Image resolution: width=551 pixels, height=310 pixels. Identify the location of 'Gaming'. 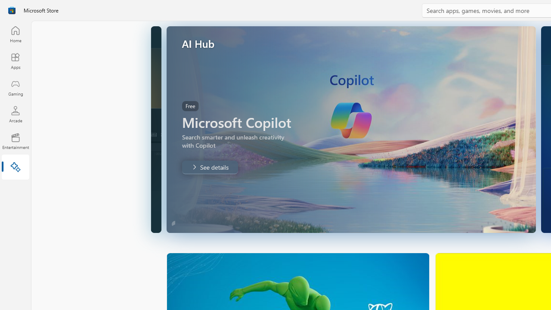
(15, 87).